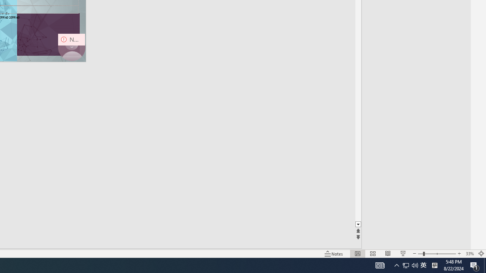  I want to click on 'Zoom 33%', so click(469, 254).